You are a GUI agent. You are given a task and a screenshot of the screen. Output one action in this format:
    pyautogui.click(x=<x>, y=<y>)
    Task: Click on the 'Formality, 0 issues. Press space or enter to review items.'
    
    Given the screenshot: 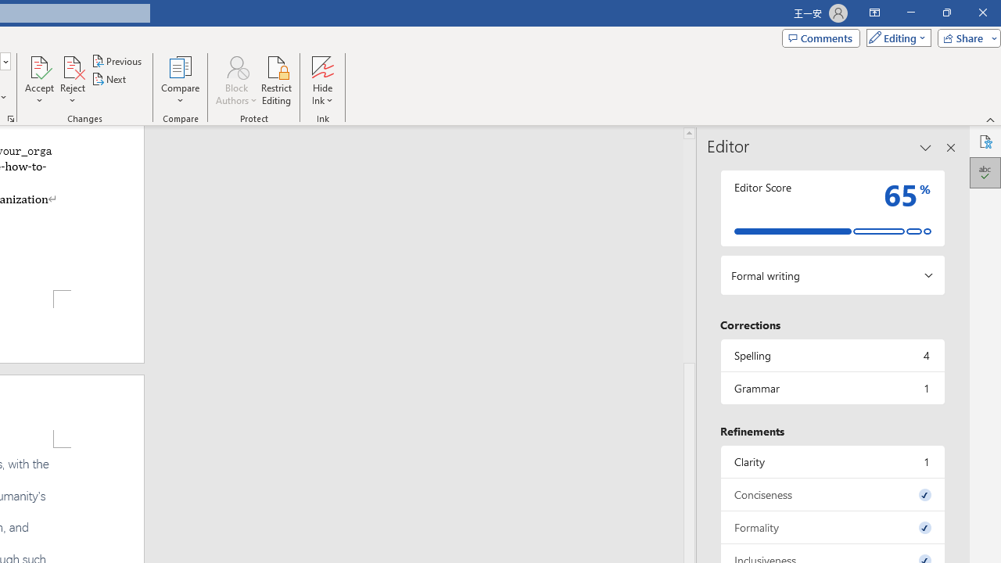 What is the action you would take?
    pyautogui.click(x=831, y=527)
    